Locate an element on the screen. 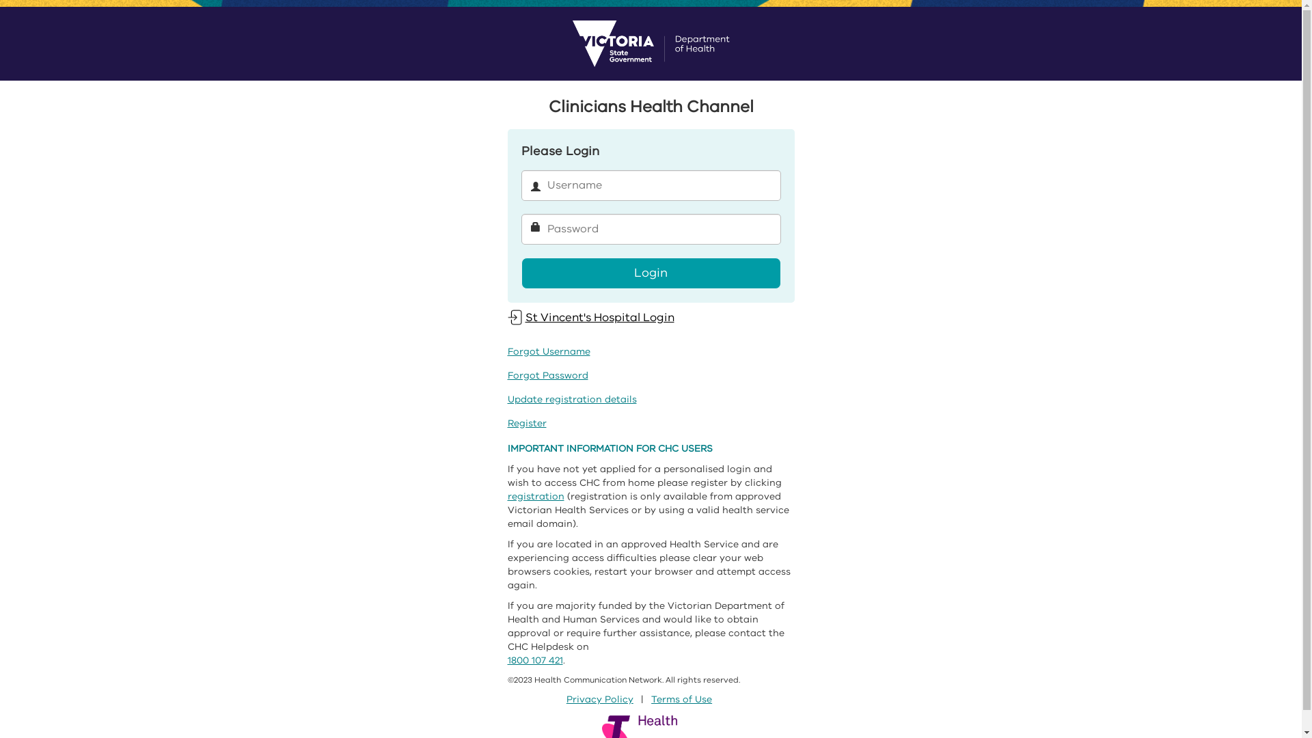 The image size is (1312, 738). 'Update registration details' is located at coordinates (571, 399).